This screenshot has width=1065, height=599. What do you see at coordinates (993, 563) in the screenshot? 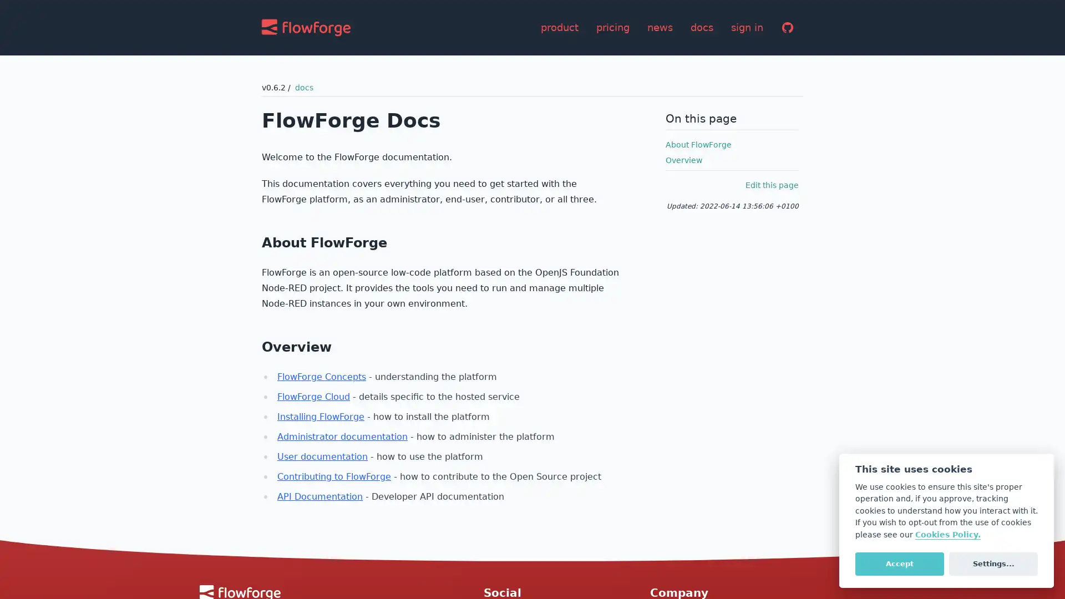
I see `Settings...` at bounding box center [993, 563].